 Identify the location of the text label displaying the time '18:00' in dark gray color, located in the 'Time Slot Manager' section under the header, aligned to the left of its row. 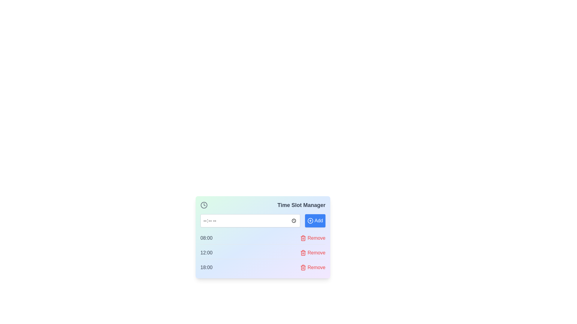
(206, 267).